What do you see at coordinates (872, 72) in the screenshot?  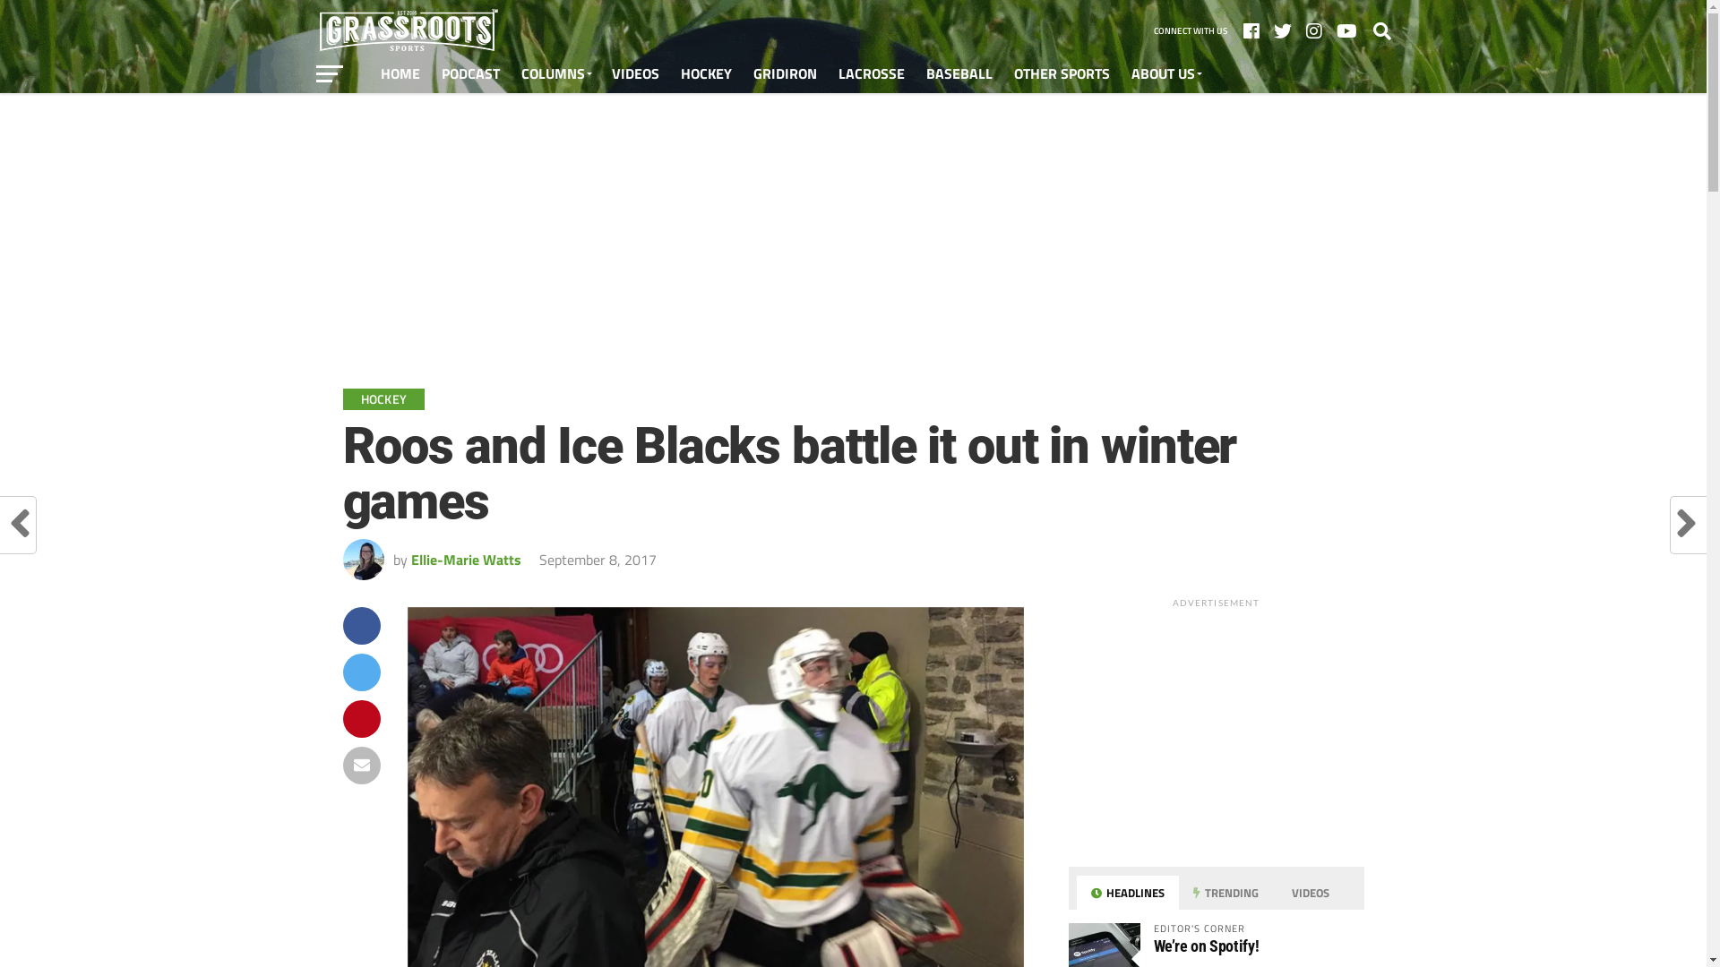 I see `'LACROSSE'` at bounding box center [872, 72].